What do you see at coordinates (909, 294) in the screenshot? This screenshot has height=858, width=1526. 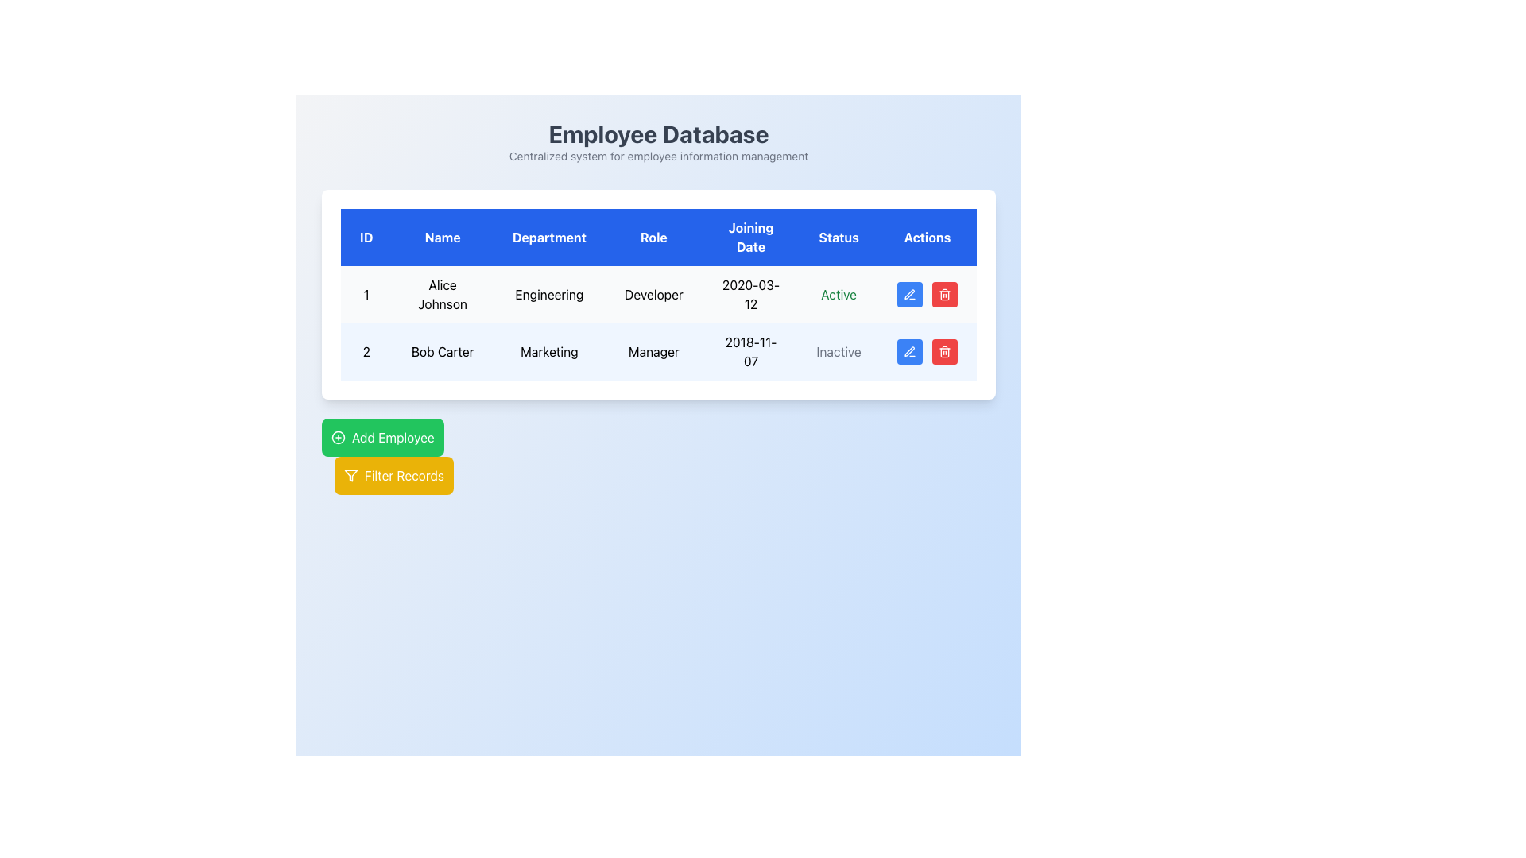 I see `the edit icon button located in the 'Actions' column of the second row of the table to initiate editing functionality` at bounding box center [909, 294].